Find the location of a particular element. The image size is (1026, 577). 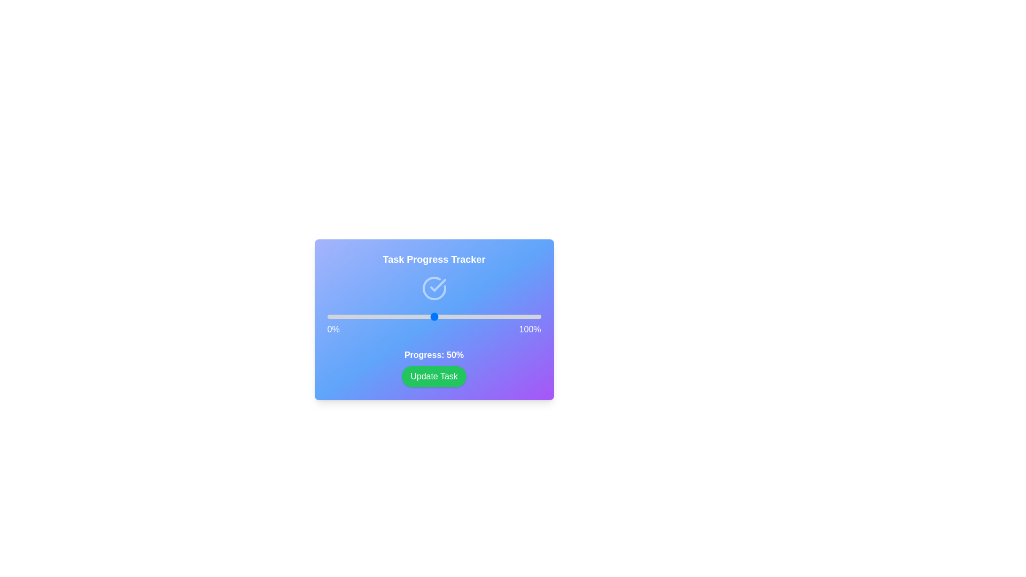

the progress slider to 56% is located at coordinates (447, 316).